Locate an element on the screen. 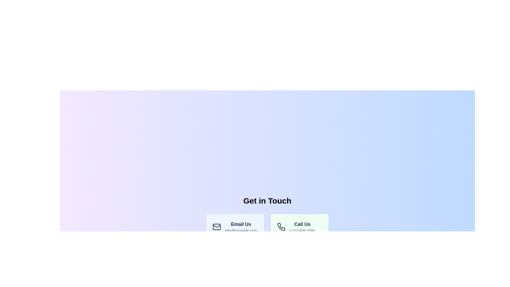  the 'Email Us' text label in the 'Get in Touch' section, which is styled with a larger, bold font and located above the lighter gray text 'info@example.com' is located at coordinates (241, 224).